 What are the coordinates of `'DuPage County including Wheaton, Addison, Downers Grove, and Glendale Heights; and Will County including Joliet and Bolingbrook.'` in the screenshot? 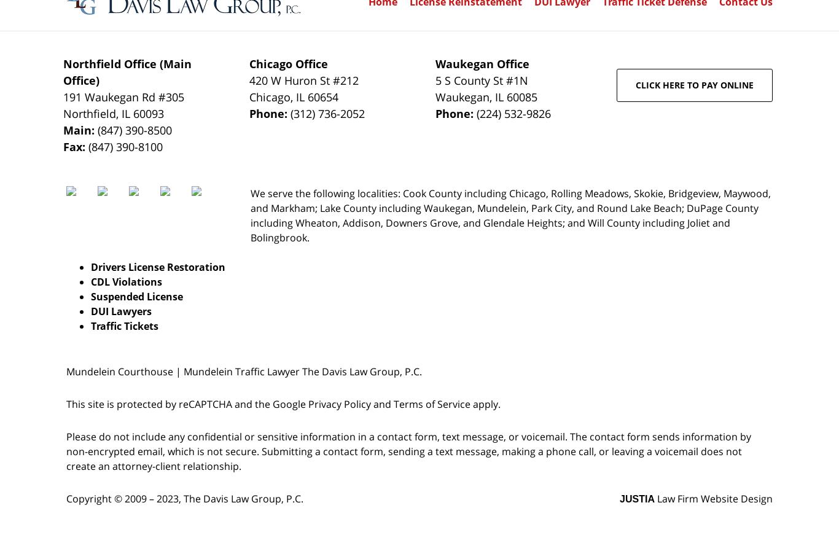 It's located at (250, 222).